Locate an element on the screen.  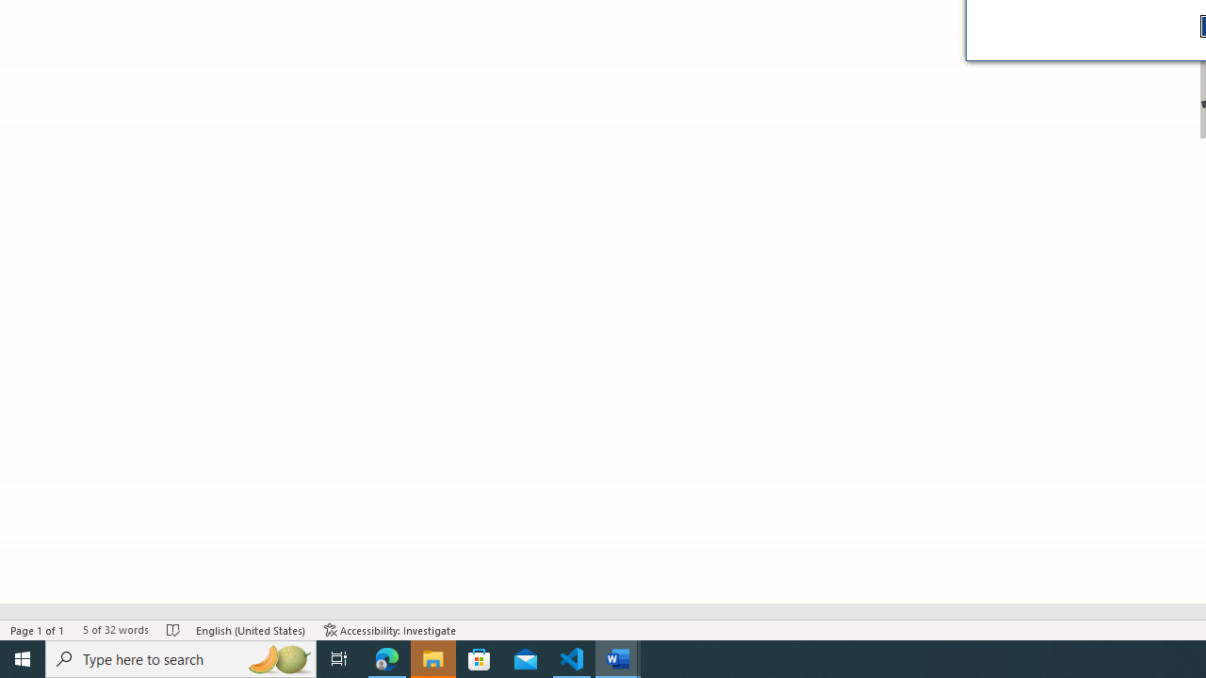
'Microsoft Edge - 1 running window' is located at coordinates (386, 657).